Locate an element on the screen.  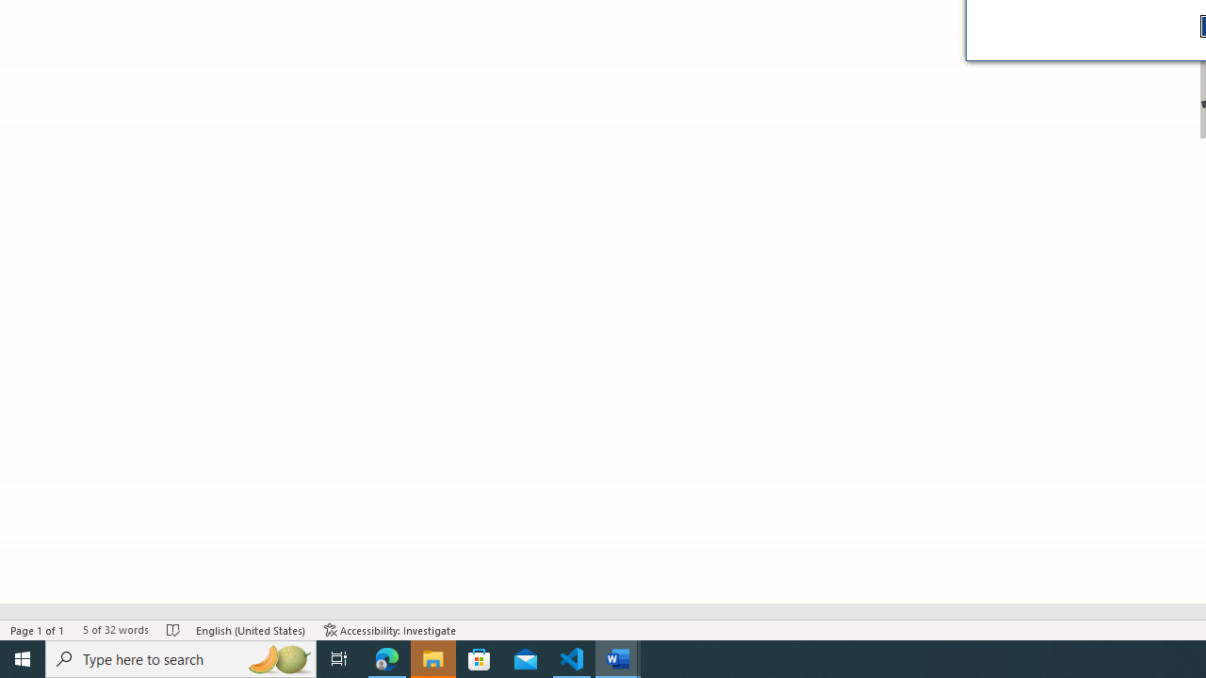
'Microsoft Edge - 1 running window' is located at coordinates (386, 657).